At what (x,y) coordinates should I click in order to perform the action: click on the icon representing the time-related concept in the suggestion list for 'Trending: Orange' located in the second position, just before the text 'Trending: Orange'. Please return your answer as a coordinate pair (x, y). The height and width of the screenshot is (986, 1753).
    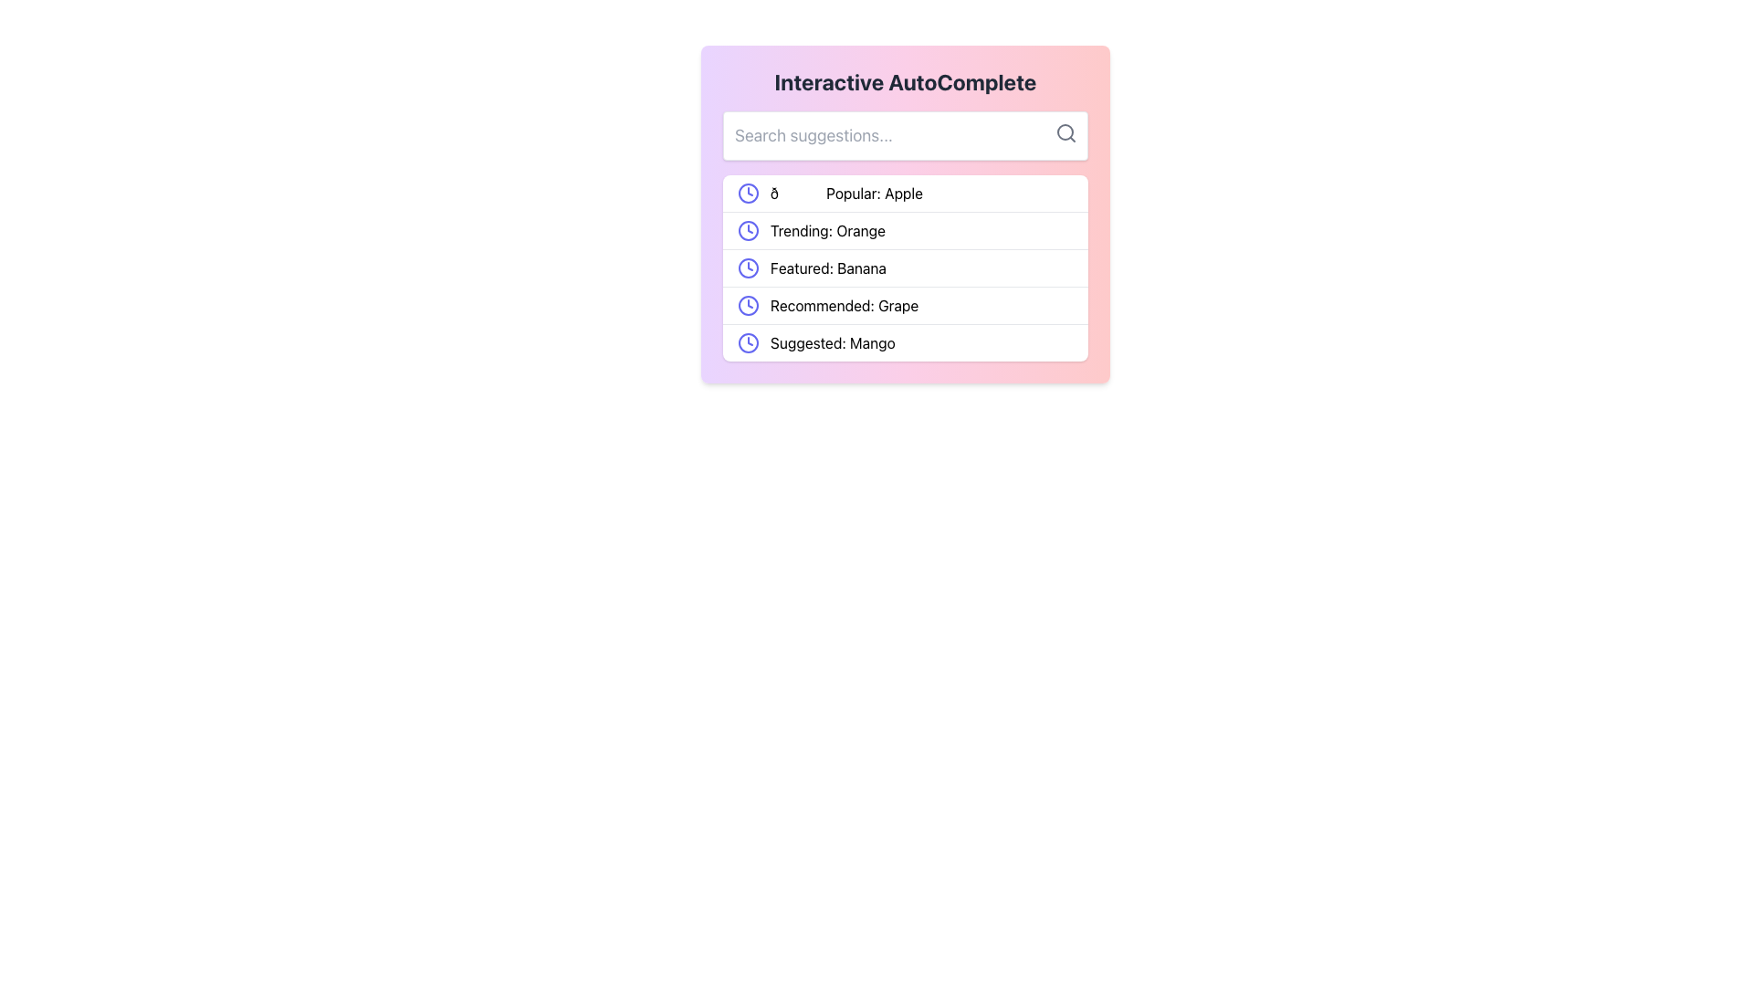
    Looking at the image, I should click on (749, 230).